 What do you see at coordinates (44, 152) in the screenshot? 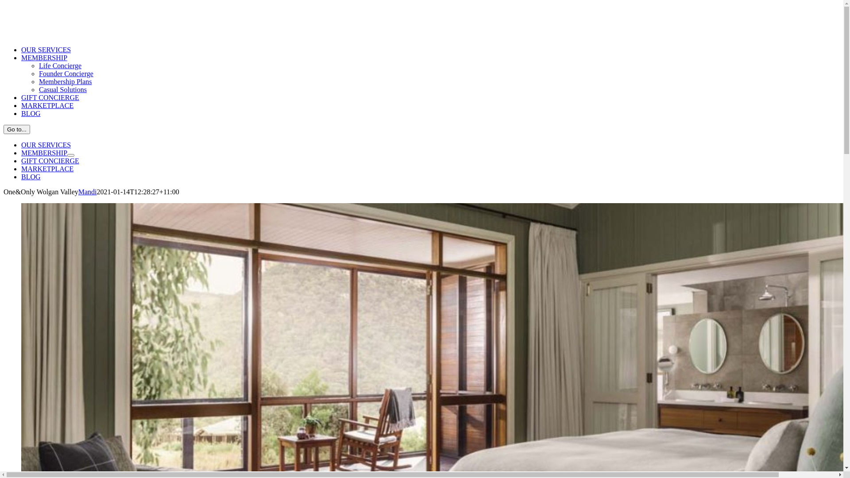
I see `'MEMBERSHIP'` at bounding box center [44, 152].